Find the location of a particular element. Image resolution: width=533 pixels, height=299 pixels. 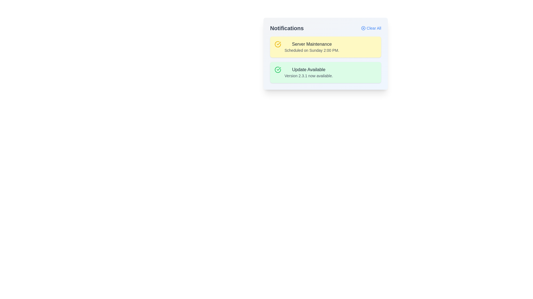

the Text Label that provides scheduling details for the 'Server Maintenance' notification, located directly below the 'Server Maintenance' text in the upper yellow notification card is located at coordinates (312, 50).